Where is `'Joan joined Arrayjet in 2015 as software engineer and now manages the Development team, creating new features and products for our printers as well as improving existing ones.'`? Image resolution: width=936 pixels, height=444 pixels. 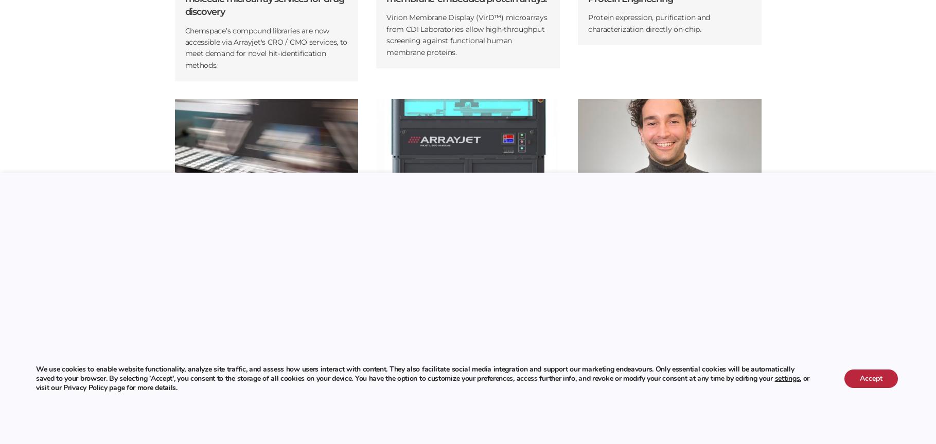
'Joan joined Arrayjet in 2015 as software engineer and now manages the Development team, creating new features and products for our printers as well as improving existing ones.' is located at coordinates (666, 289).